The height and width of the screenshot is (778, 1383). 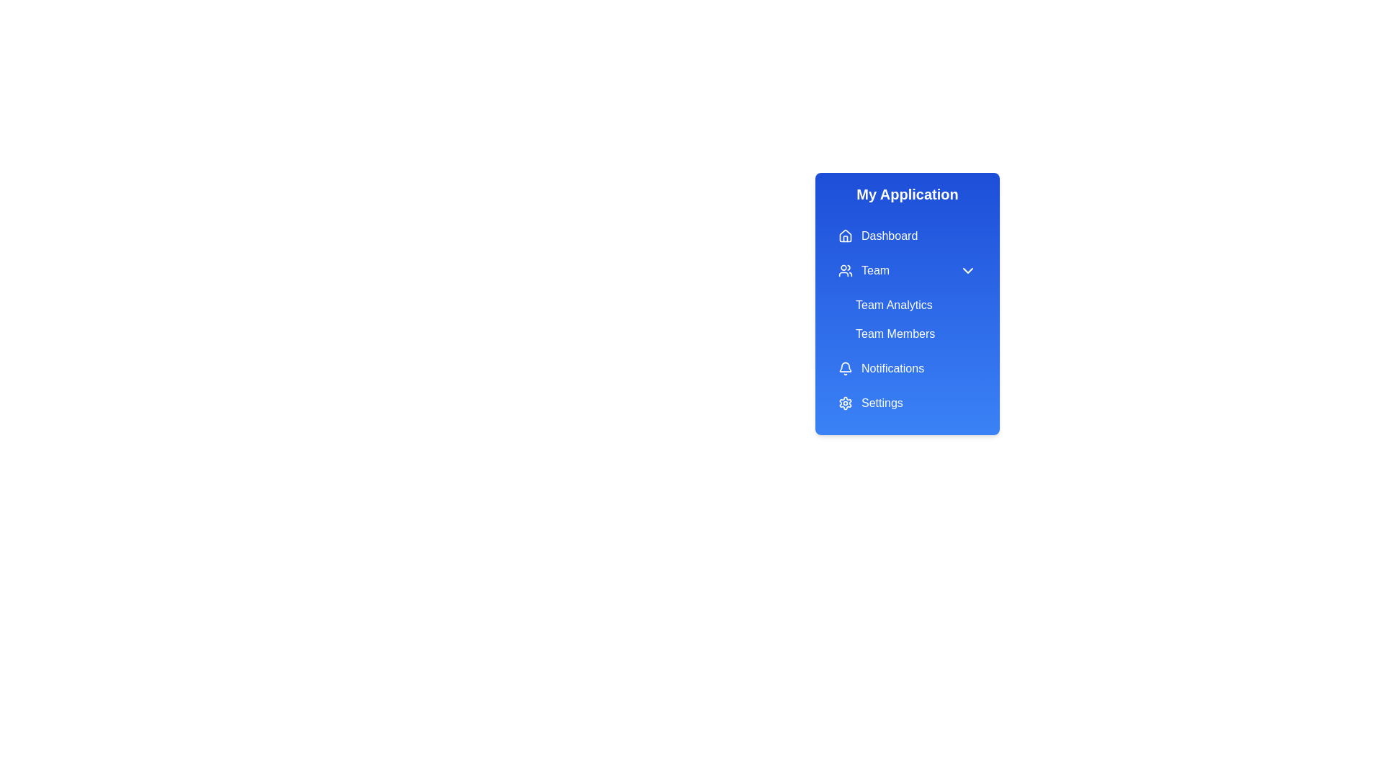 What do you see at coordinates (906, 302) in the screenshot?
I see `multiline text label containing 'Team Analytics' and 'Team Members' located within the blue dropdown menu below the 'Team' label` at bounding box center [906, 302].